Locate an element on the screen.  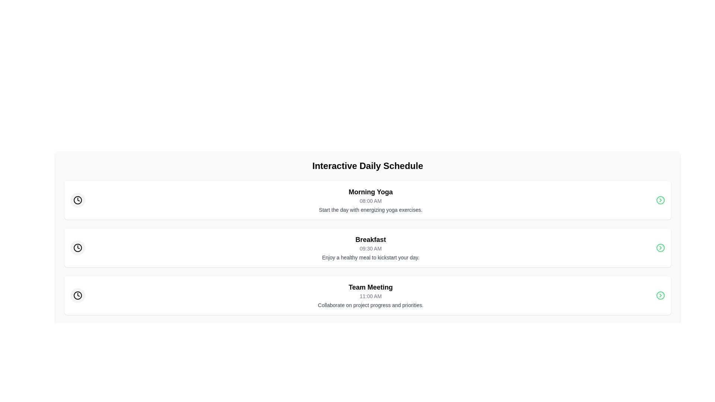
the clock icon, which is a circular element outlined in black with a white background, located in the far-left side of the third row under the 'Team Meeting' section is located at coordinates (78, 295).